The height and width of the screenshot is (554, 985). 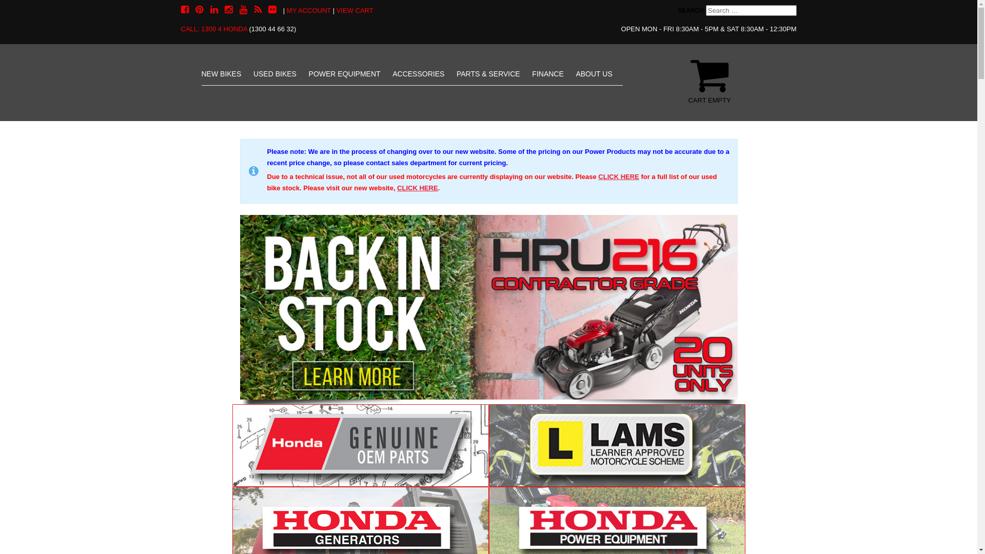 What do you see at coordinates (418, 73) in the screenshot?
I see `'ACCESSORIES'` at bounding box center [418, 73].